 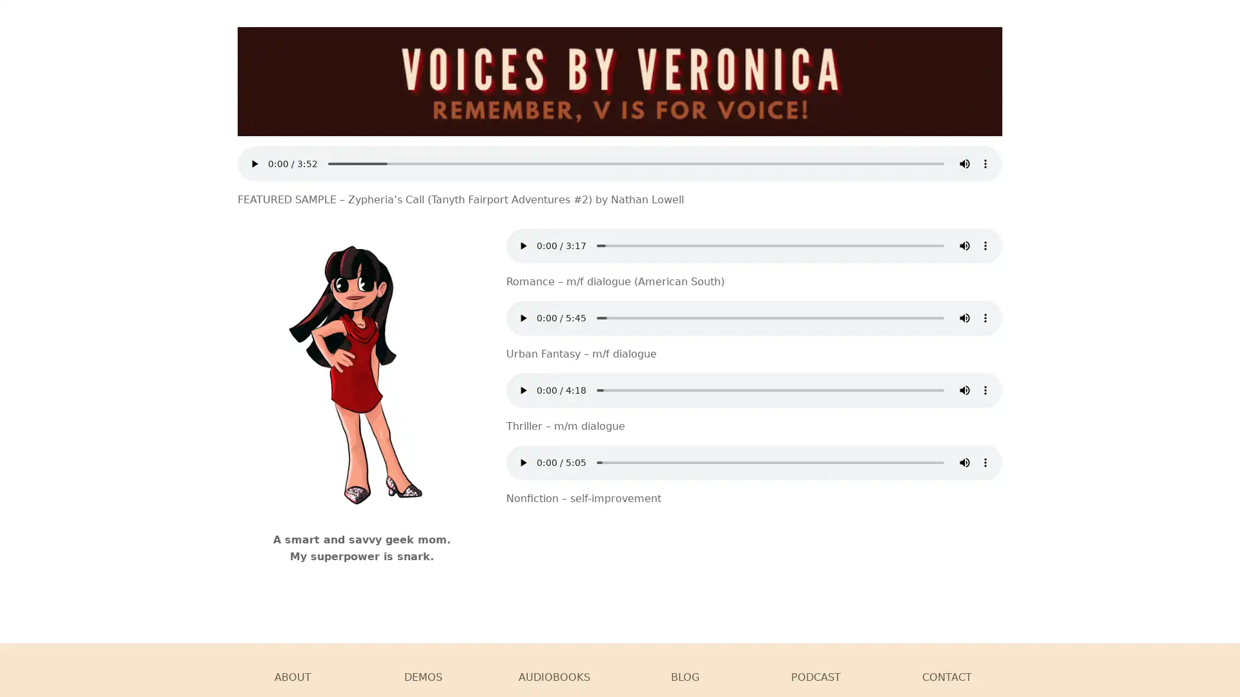 I want to click on play, so click(x=523, y=246).